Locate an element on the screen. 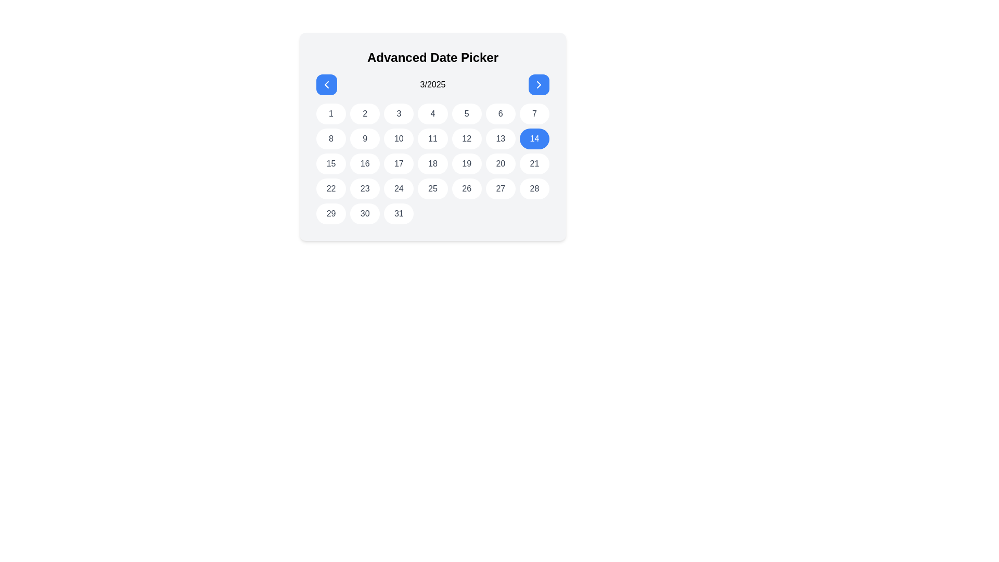 Image resolution: width=999 pixels, height=562 pixels. the leftmost button in the calendar header is located at coordinates (326, 84).